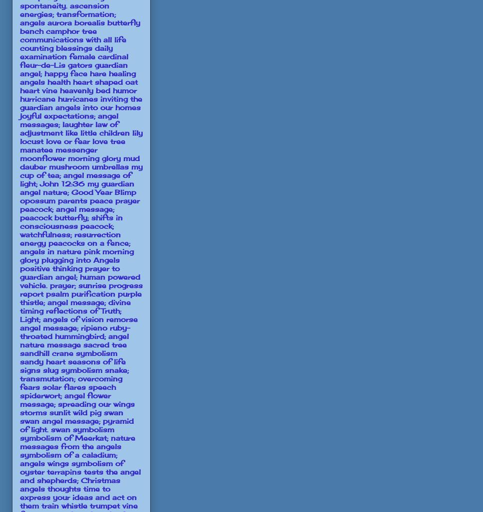 The height and width of the screenshot is (512, 483). I want to click on 'ascension energies; transformation; angels', so click(67, 13).